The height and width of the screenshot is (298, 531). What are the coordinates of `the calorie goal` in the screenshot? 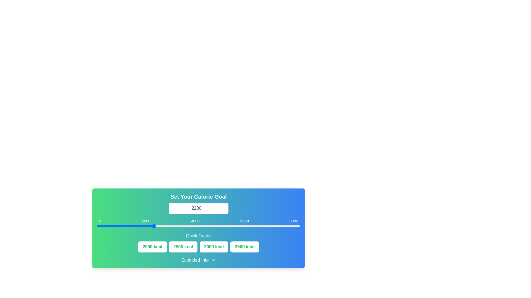 It's located at (112, 226).